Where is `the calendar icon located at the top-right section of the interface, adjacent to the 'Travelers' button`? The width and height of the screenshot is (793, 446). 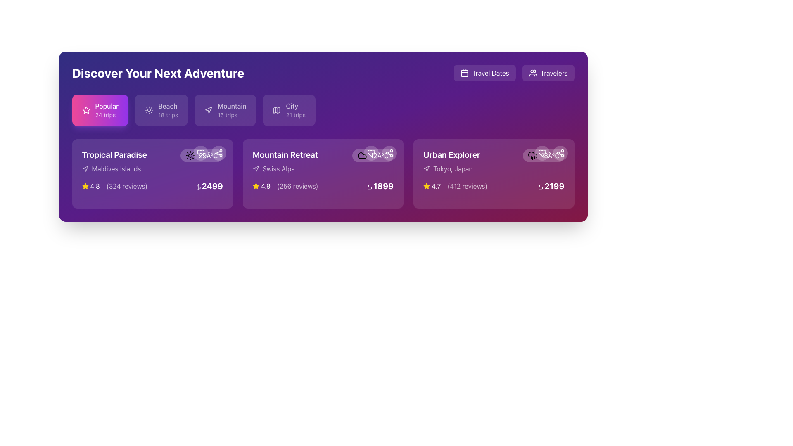 the calendar icon located at the top-right section of the interface, adjacent to the 'Travelers' button is located at coordinates (465, 73).